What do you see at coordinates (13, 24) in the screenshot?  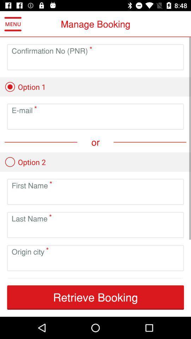 I see `icon to the left of manage booking icon` at bounding box center [13, 24].